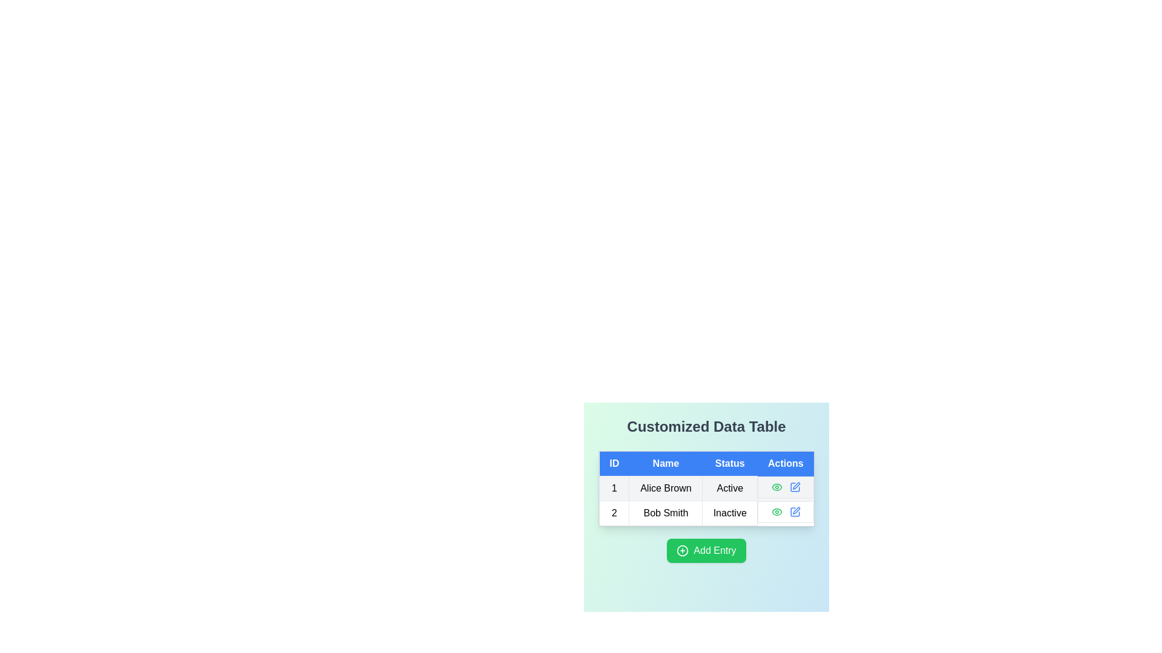 Image resolution: width=1162 pixels, height=653 pixels. Describe the element at coordinates (729, 463) in the screenshot. I see `the Table Header Cell labeled 'Status', which has a blue background and white text, positioned in the table header row` at that location.